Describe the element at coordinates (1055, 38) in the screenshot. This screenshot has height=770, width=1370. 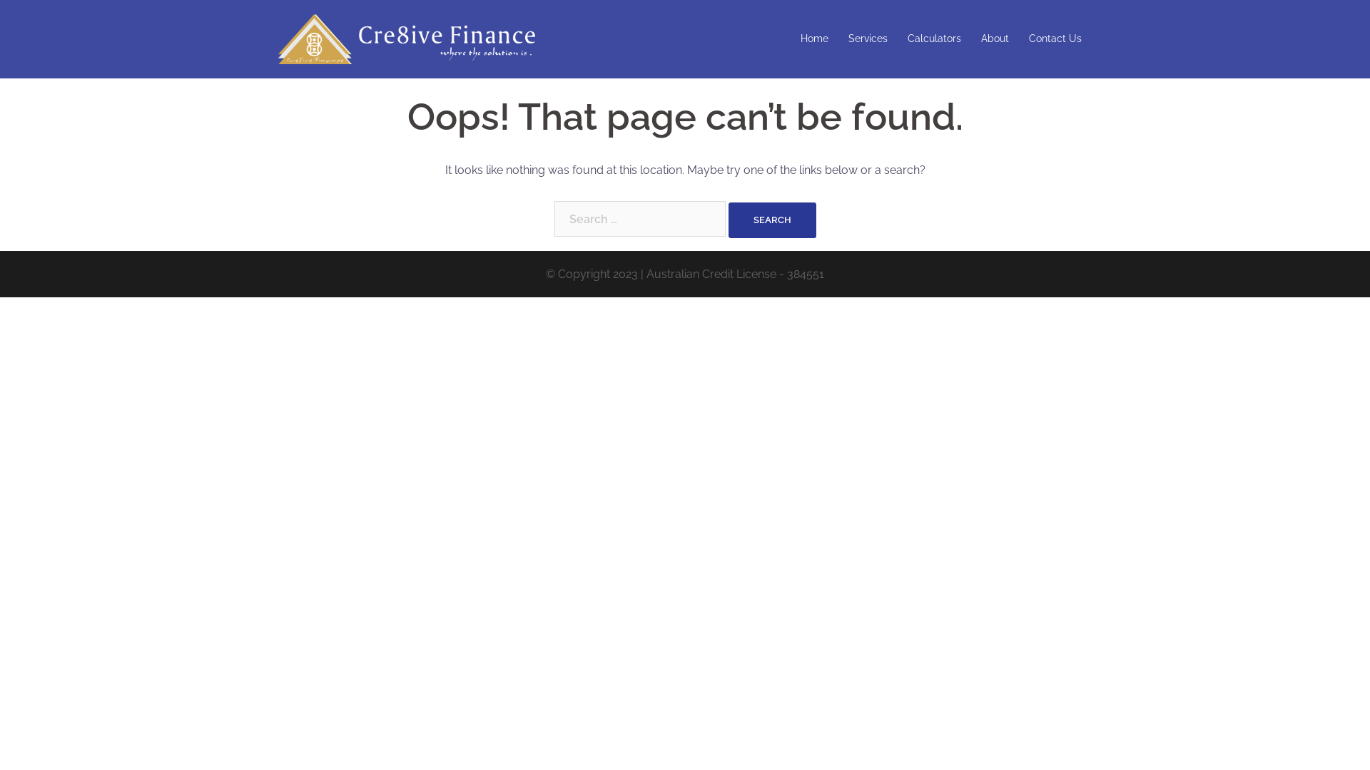
I see `'Contact Us'` at that location.